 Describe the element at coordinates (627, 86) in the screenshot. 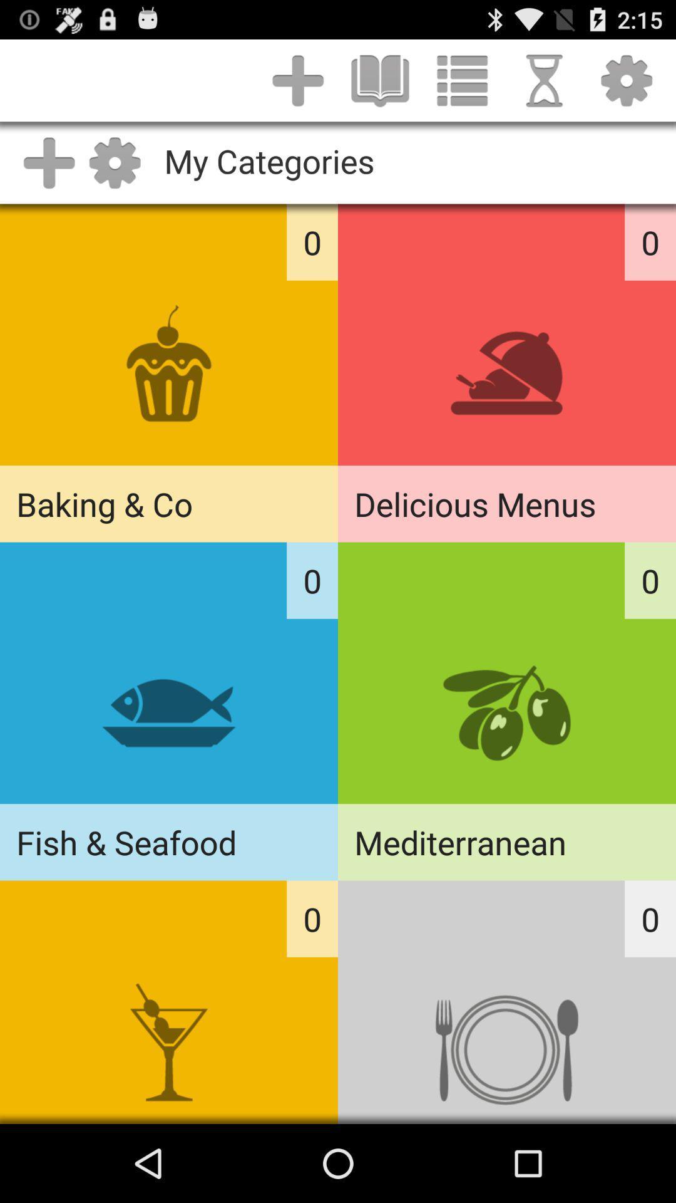

I see `the settings icon` at that location.